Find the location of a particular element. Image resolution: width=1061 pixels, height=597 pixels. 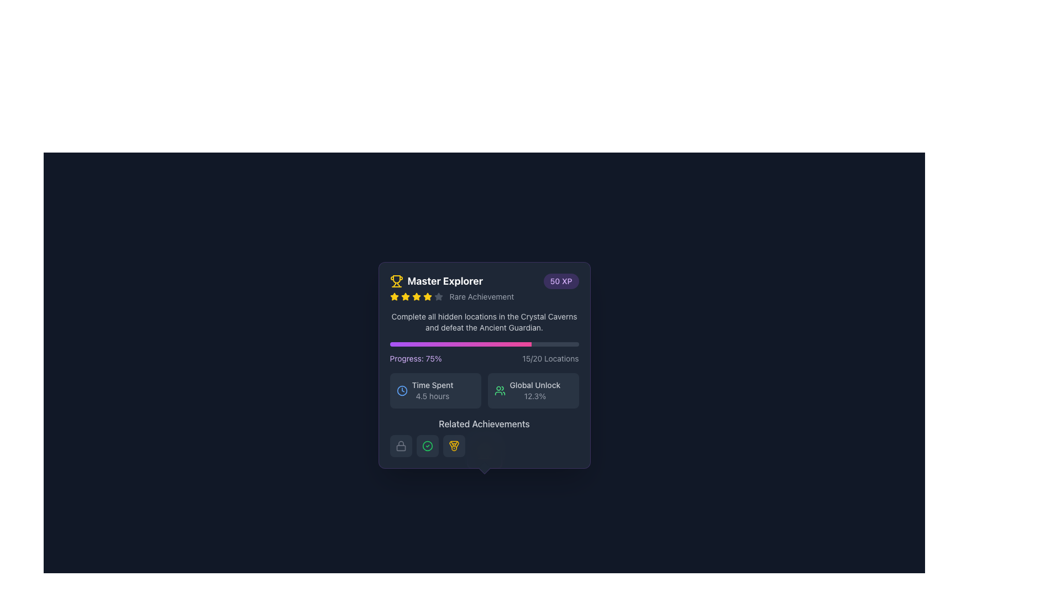

the circular button-like component with a gradient background transitioning from purple to pink, located below the 'Related Achievements' section and centered under the 'Master Explorer' achievement is located at coordinates (484, 451).